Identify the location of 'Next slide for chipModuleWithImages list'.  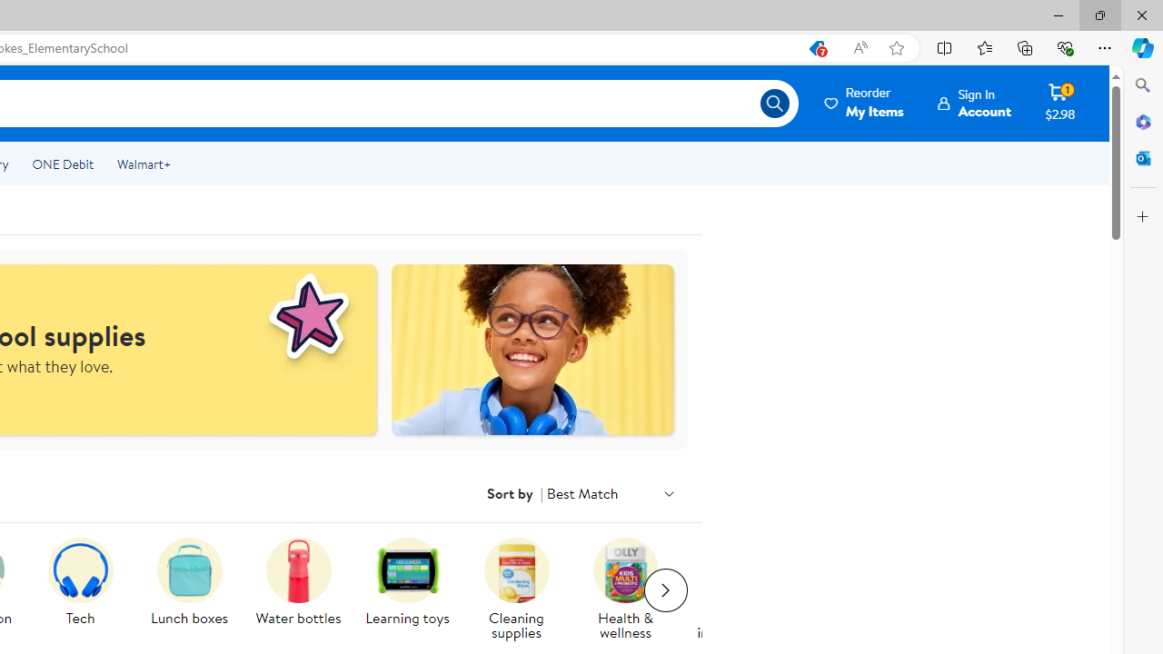
(664, 590).